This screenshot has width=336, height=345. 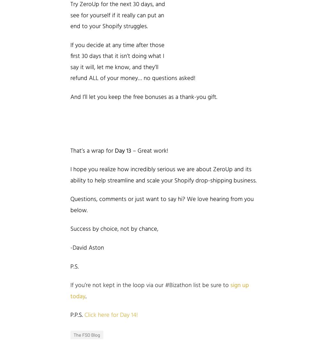 What do you see at coordinates (87, 247) in the screenshot?
I see `'-David Aston'` at bounding box center [87, 247].